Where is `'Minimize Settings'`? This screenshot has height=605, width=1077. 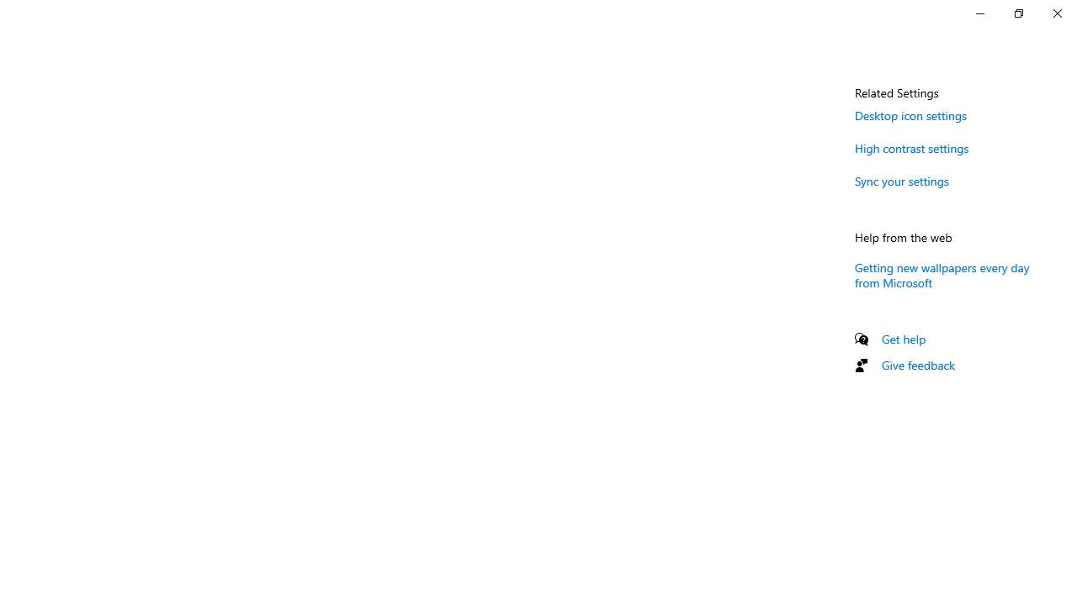
'Minimize Settings' is located at coordinates (979, 13).